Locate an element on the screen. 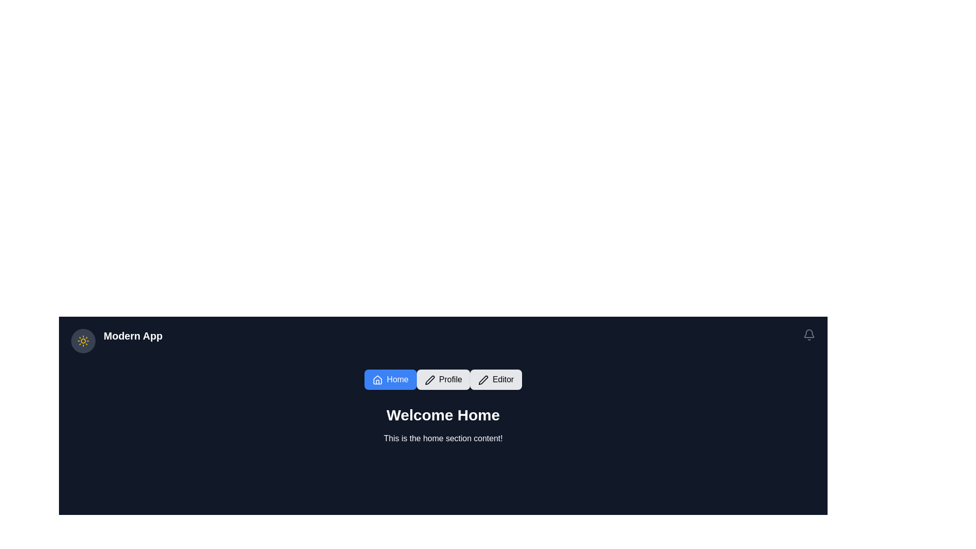 This screenshot has width=976, height=549. the 'Profile' button, which is a rectangular button with rounded corners, light gray background, and black text is located at coordinates (443, 380).